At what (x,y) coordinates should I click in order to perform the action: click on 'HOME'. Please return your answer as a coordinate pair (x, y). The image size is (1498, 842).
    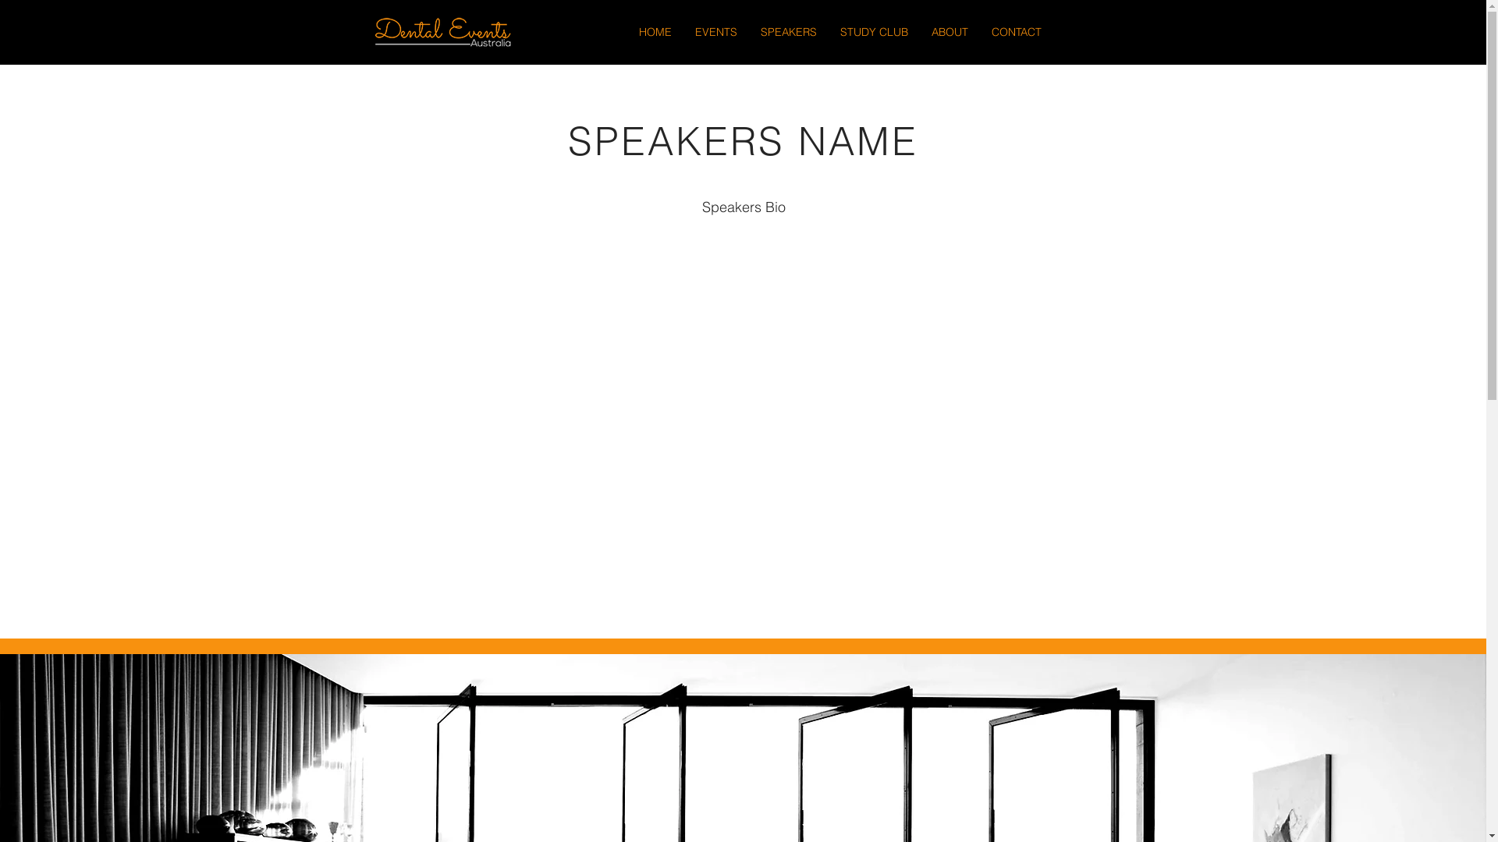
    Looking at the image, I should click on (655, 32).